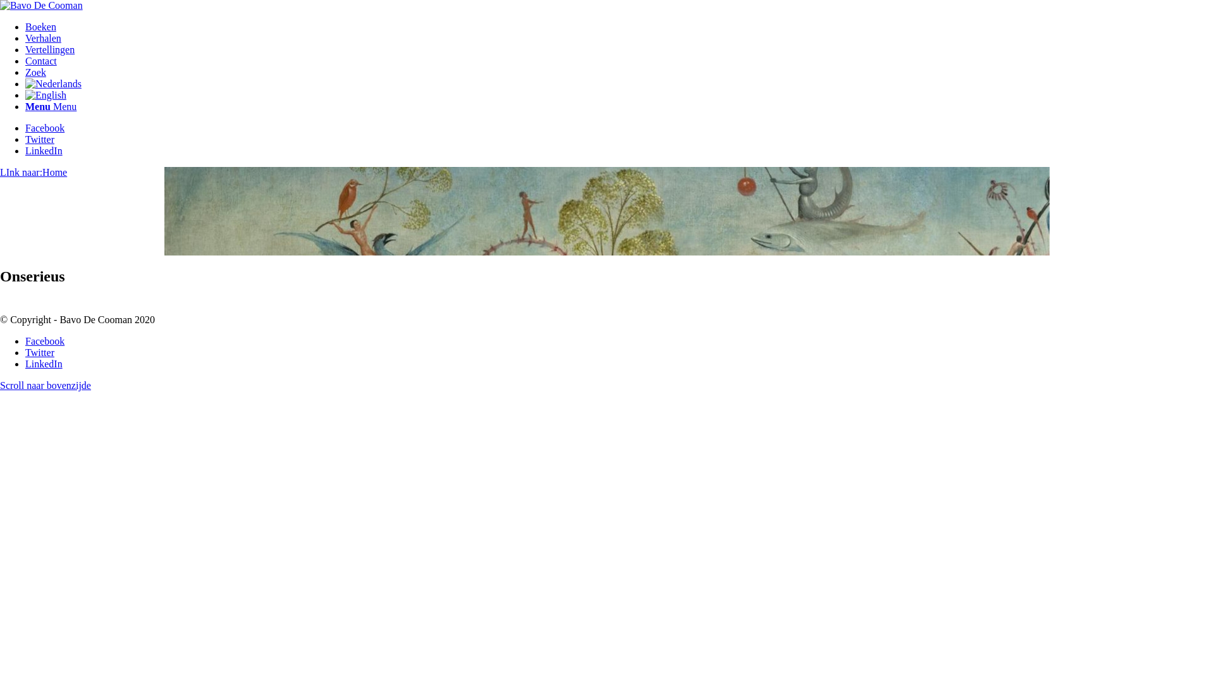 The image size is (1214, 683). What do you see at coordinates (44, 150) in the screenshot?
I see `'LinkedIn'` at bounding box center [44, 150].